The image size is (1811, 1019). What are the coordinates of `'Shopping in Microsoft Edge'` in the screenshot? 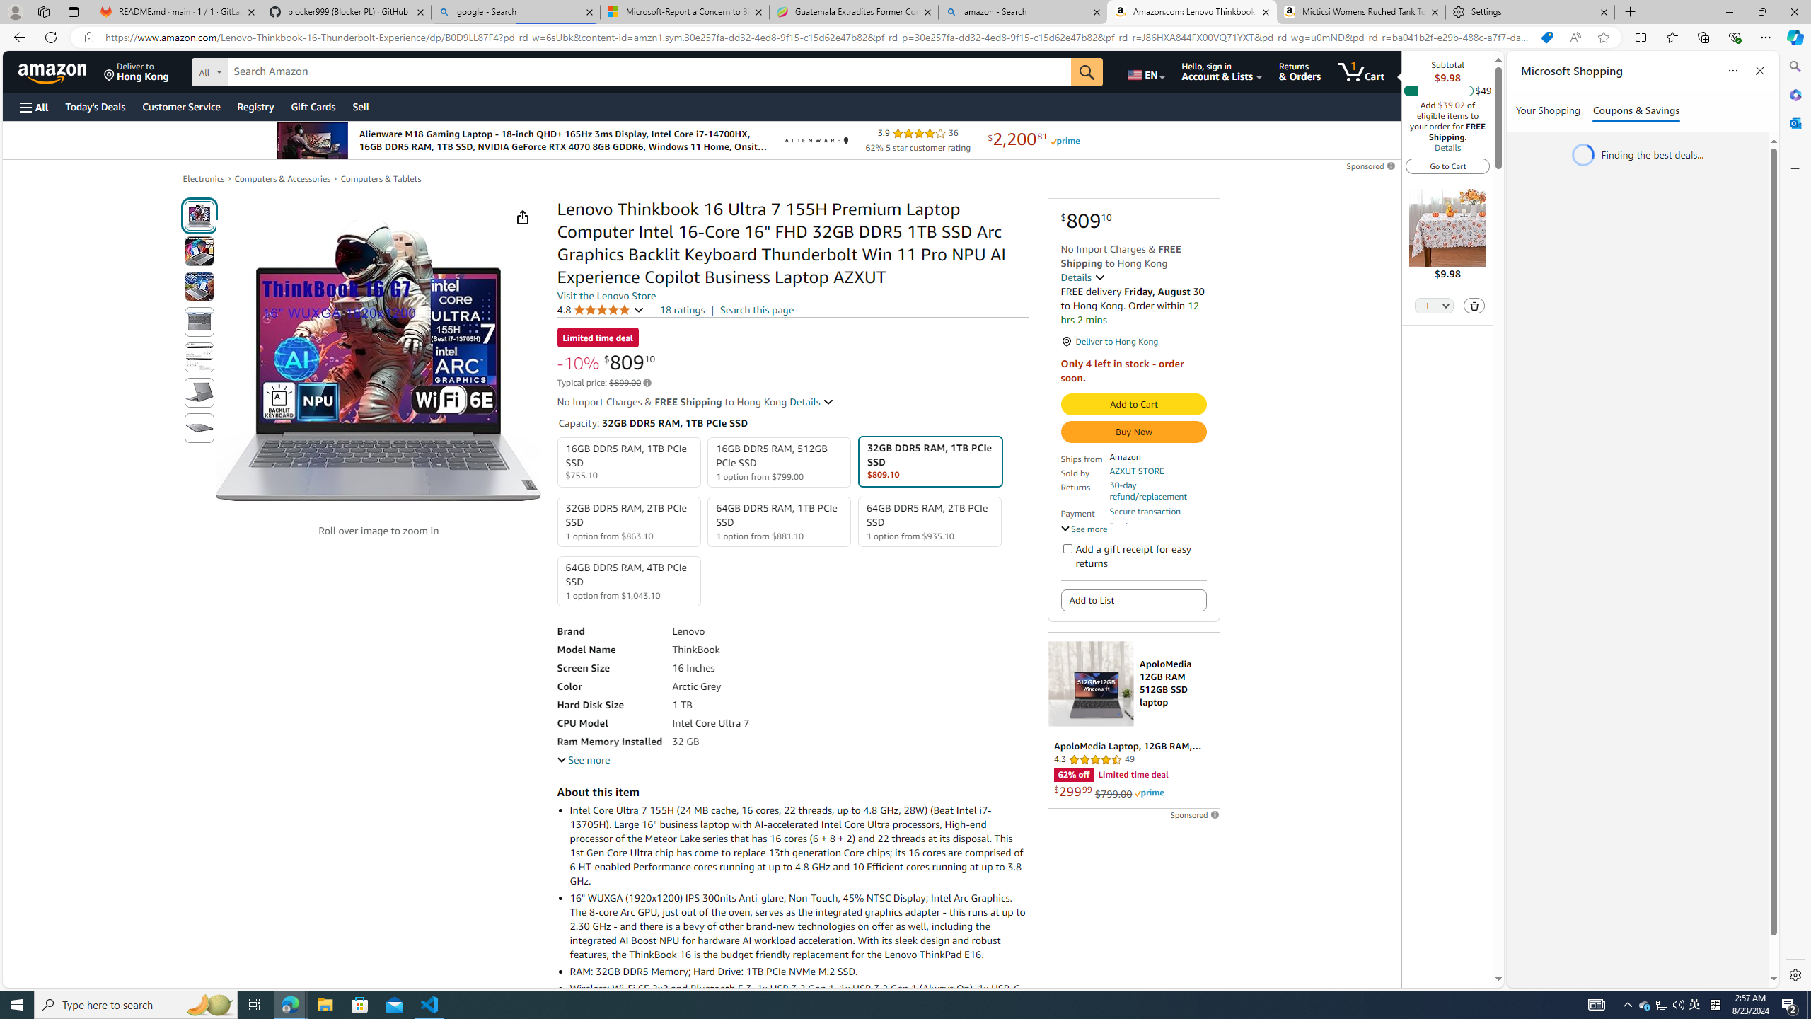 It's located at (1546, 38).